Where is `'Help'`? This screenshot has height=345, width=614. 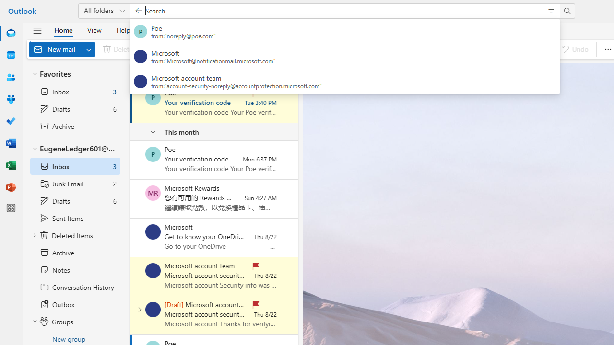
'Help' is located at coordinates (122, 29).